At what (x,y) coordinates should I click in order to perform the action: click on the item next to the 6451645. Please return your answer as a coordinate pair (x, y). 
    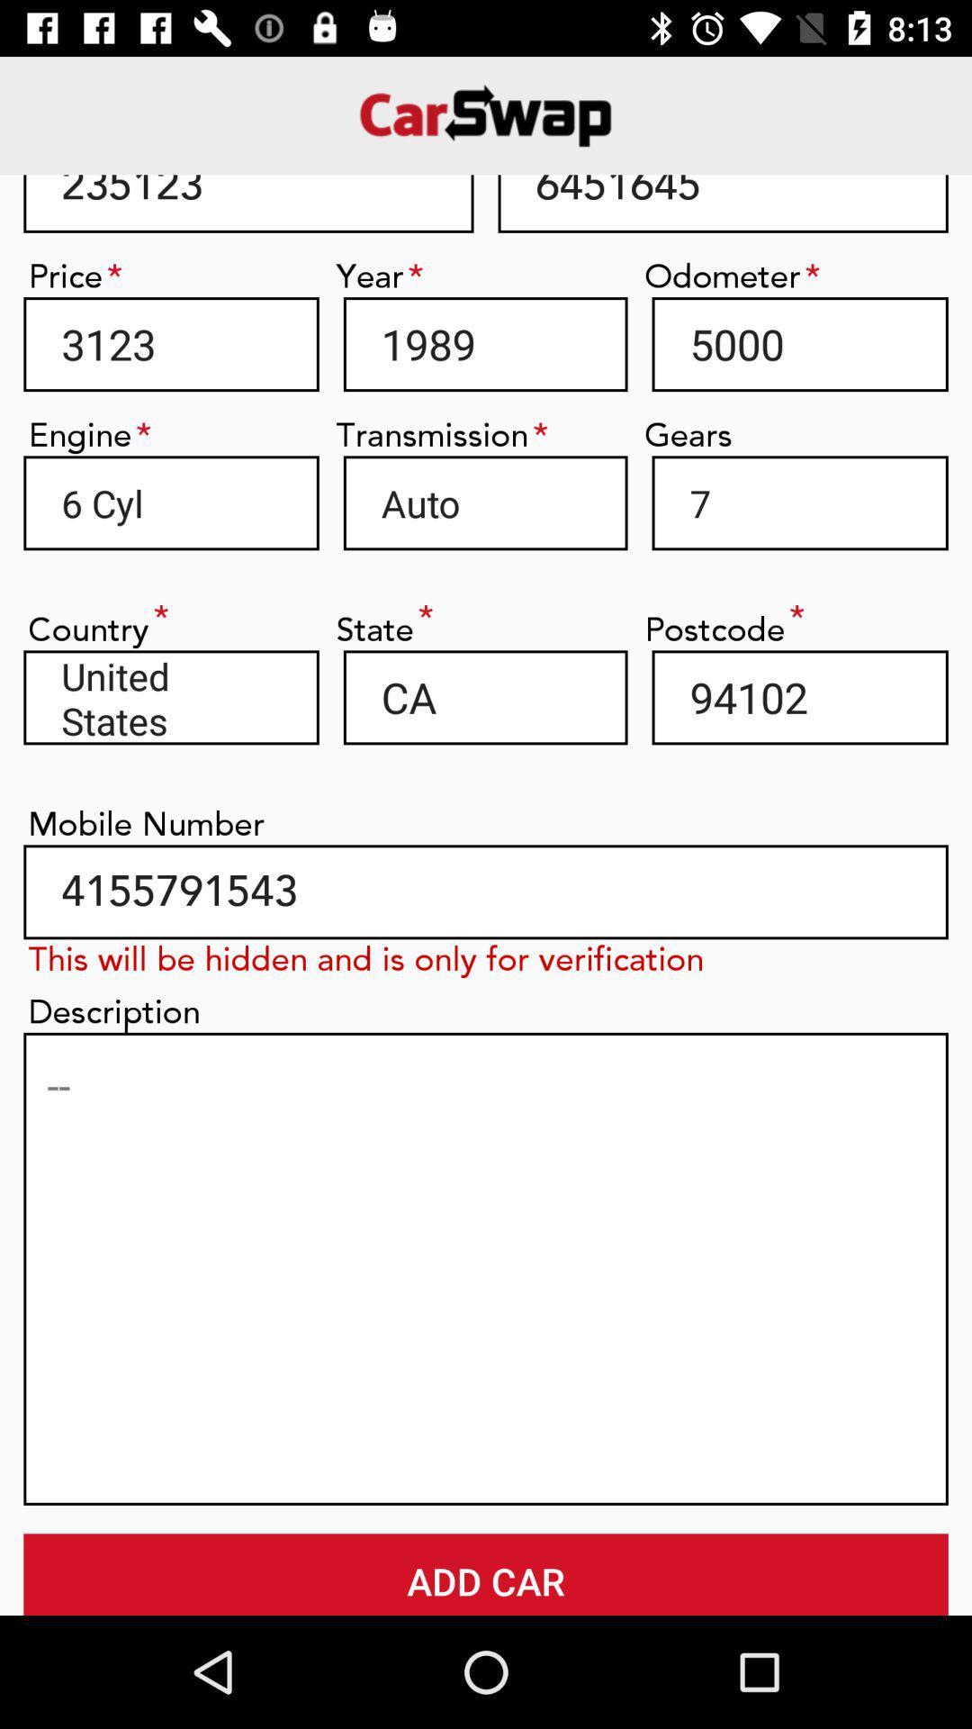
    Looking at the image, I should click on (248, 204).